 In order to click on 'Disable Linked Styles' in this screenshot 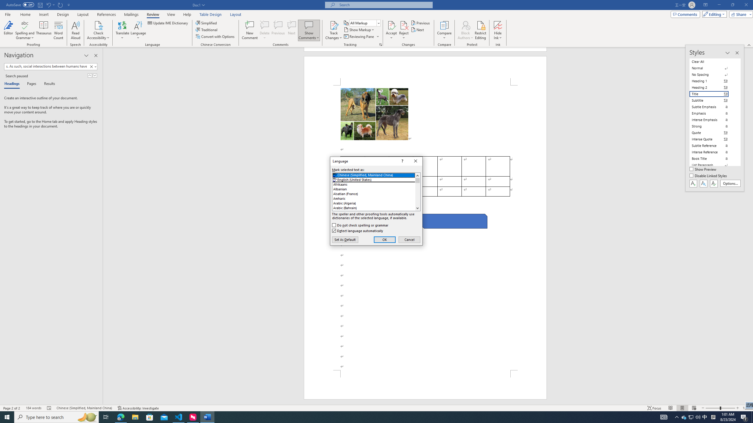, I will do `click(709, 176)`.